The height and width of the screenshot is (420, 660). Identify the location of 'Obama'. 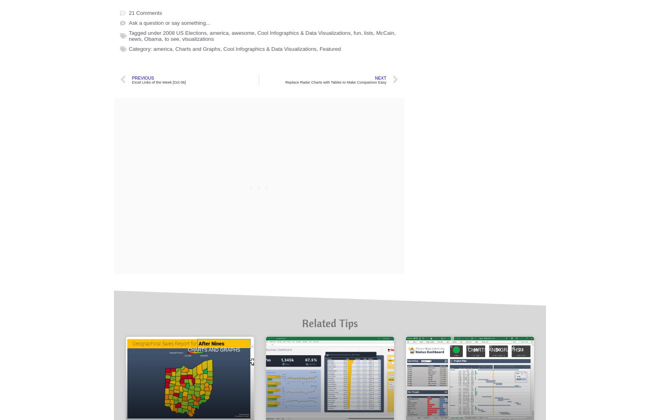
(152, 313).